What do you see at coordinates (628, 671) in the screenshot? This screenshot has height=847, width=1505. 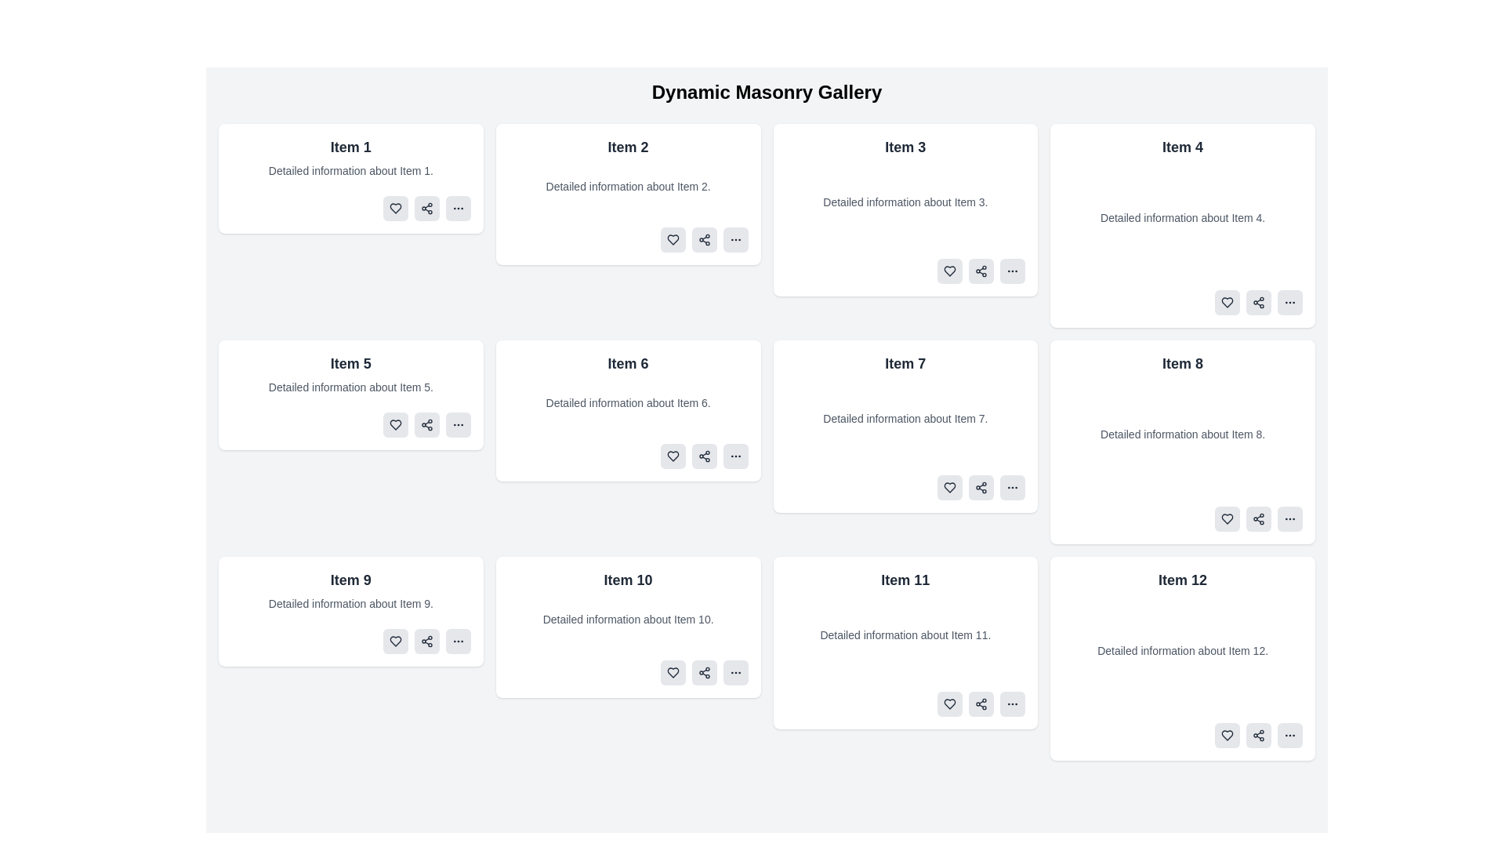 I see `one of the buttons inside the Action Toolbar located at the bottom-right corner of the 'Item 10' card` at bounding box center [628, 671].